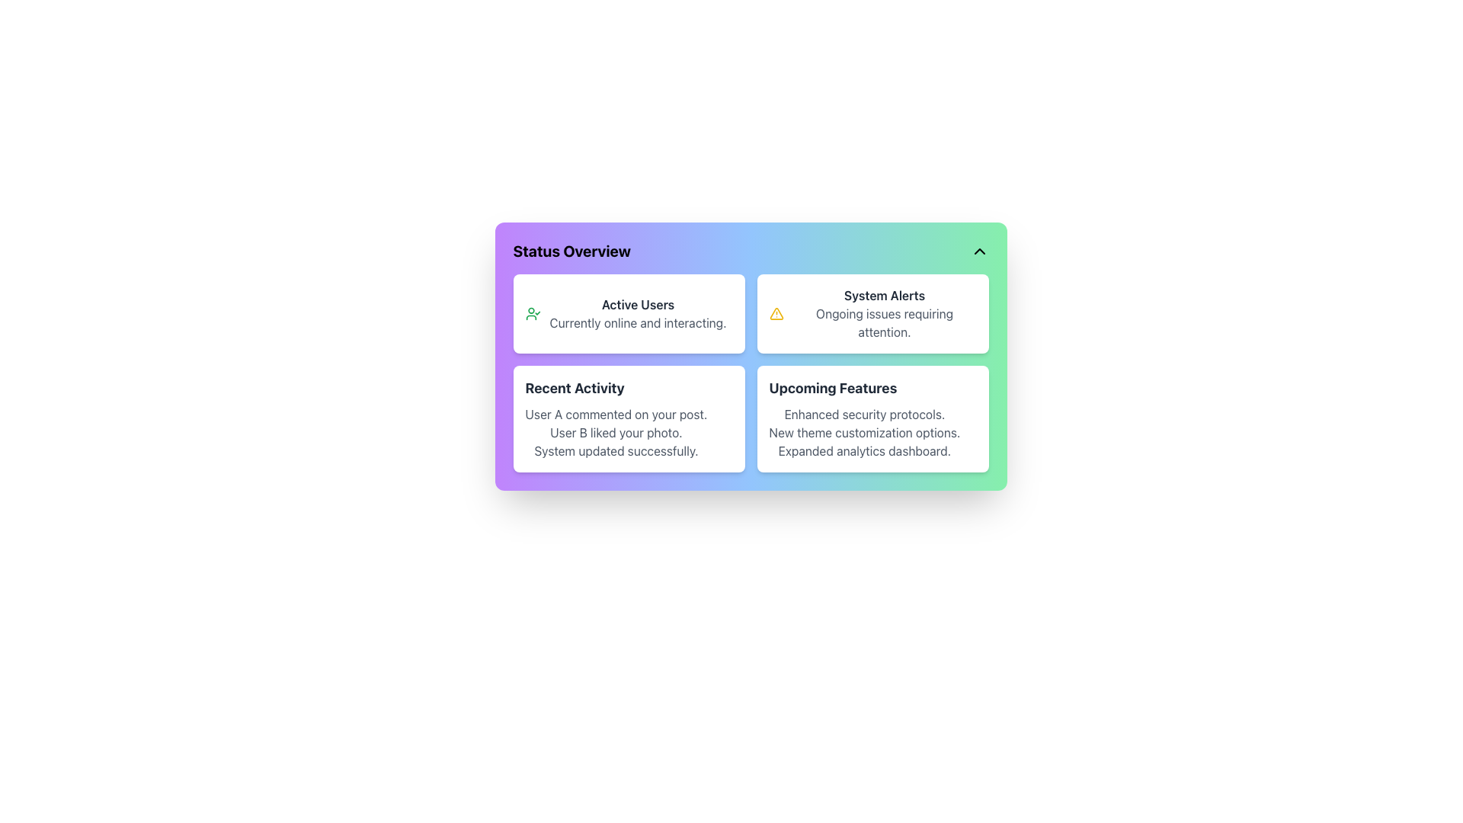 This screenshot has width=1463, height=823. What do you see at coordinates (533, 313) in the screenshot?
I see `the user icon with a checkmark located in the upper left corner of the 'Active Users' card` at bounding box center [533, 313].